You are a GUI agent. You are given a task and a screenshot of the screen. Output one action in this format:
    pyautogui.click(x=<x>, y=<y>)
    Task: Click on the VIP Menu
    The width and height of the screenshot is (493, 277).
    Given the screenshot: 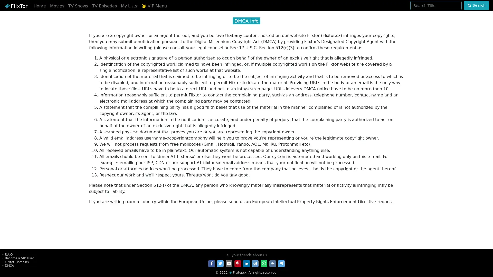 What is the action you would take?
    pyautogui.click(x=154, y=6)
    